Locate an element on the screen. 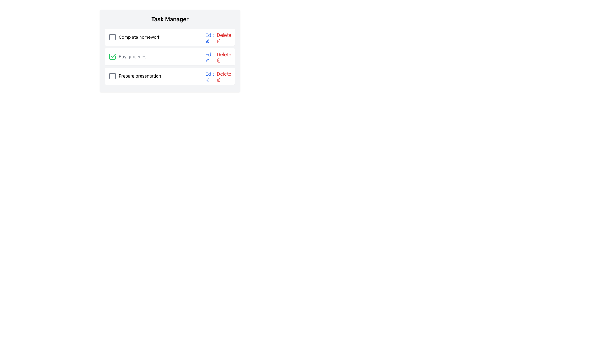 The image size is (601, 338). the checkbox indicating the completion status of the task 'Buy groceries' for potential tooltip or styling changes is located at coordinates (112, 57).